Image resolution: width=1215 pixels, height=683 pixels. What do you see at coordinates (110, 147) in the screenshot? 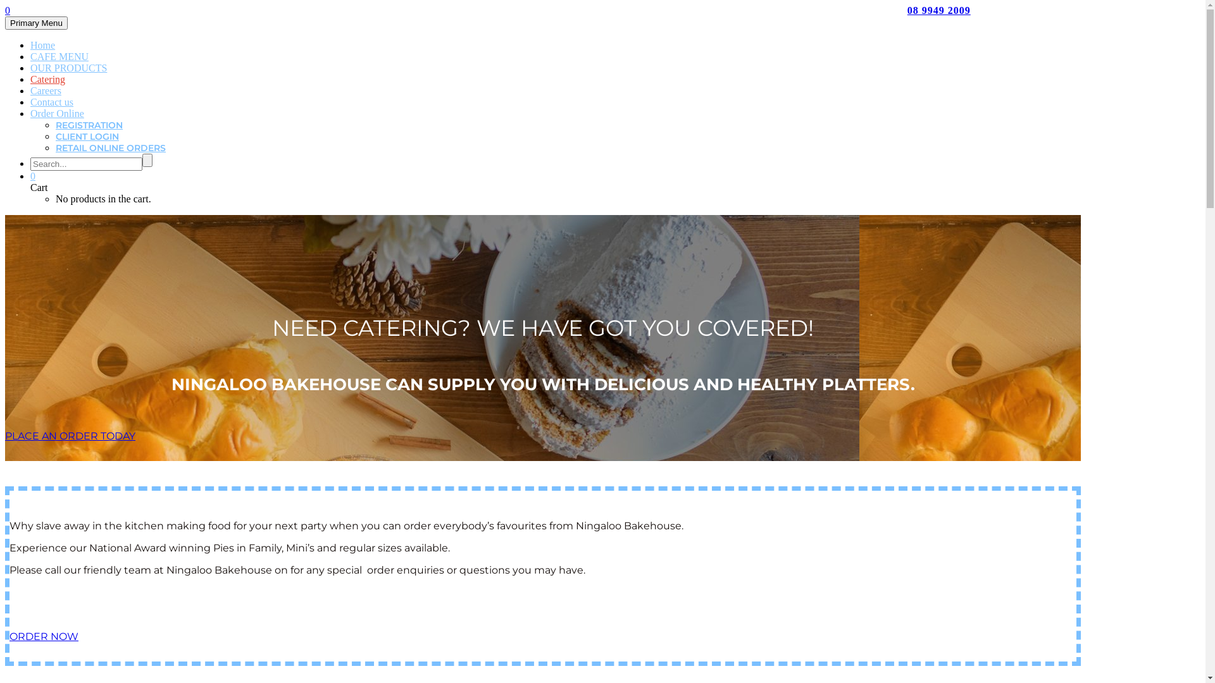
I see `'RETAIL ONLINE ORDERS'` at bounding box center [110, 147].